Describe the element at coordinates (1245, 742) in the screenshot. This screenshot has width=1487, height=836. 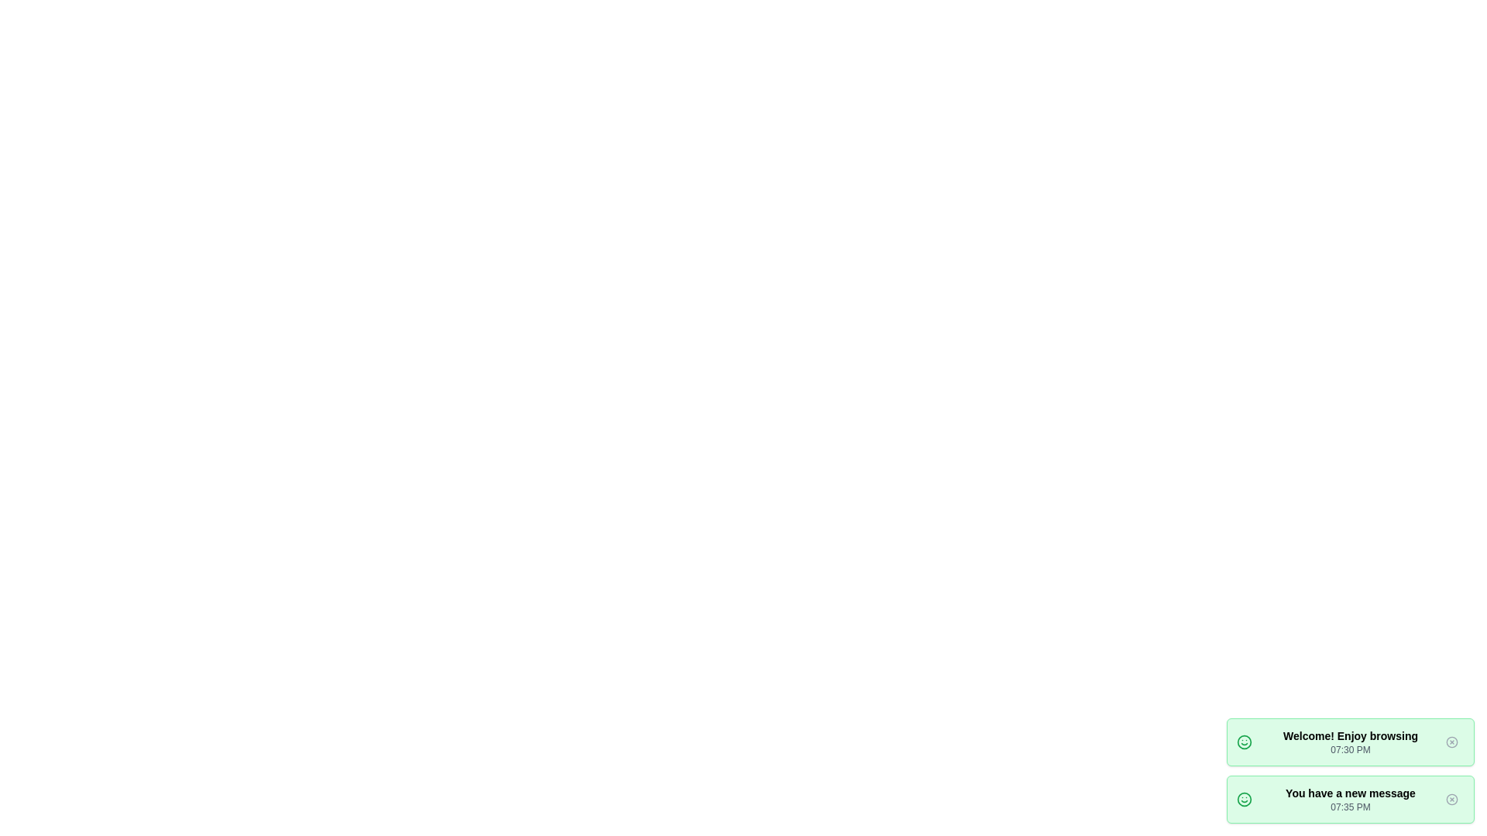
I see `the smile icon to interact with it for feedback visualization` at that location.